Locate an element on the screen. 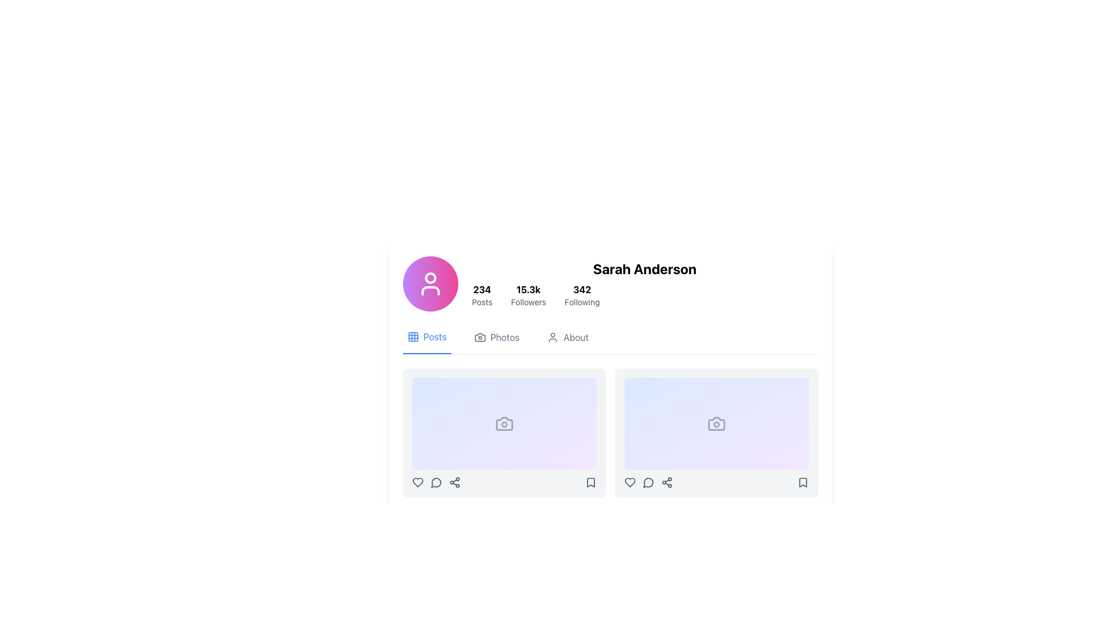  the bold numeric text component displaying '15.3k', which indicates a count related to user statistics, positioned above the text 'Followers' is located at coordinates (528, 289).